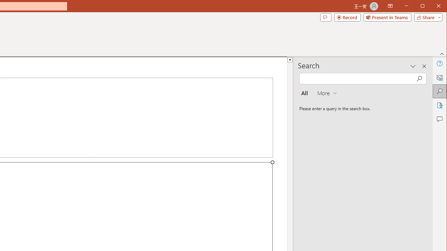 The width and height of the screenshot is (447, 251). Describe the element at coordinates (426, 17) in the screenshot. I see `'Share'` at that location.